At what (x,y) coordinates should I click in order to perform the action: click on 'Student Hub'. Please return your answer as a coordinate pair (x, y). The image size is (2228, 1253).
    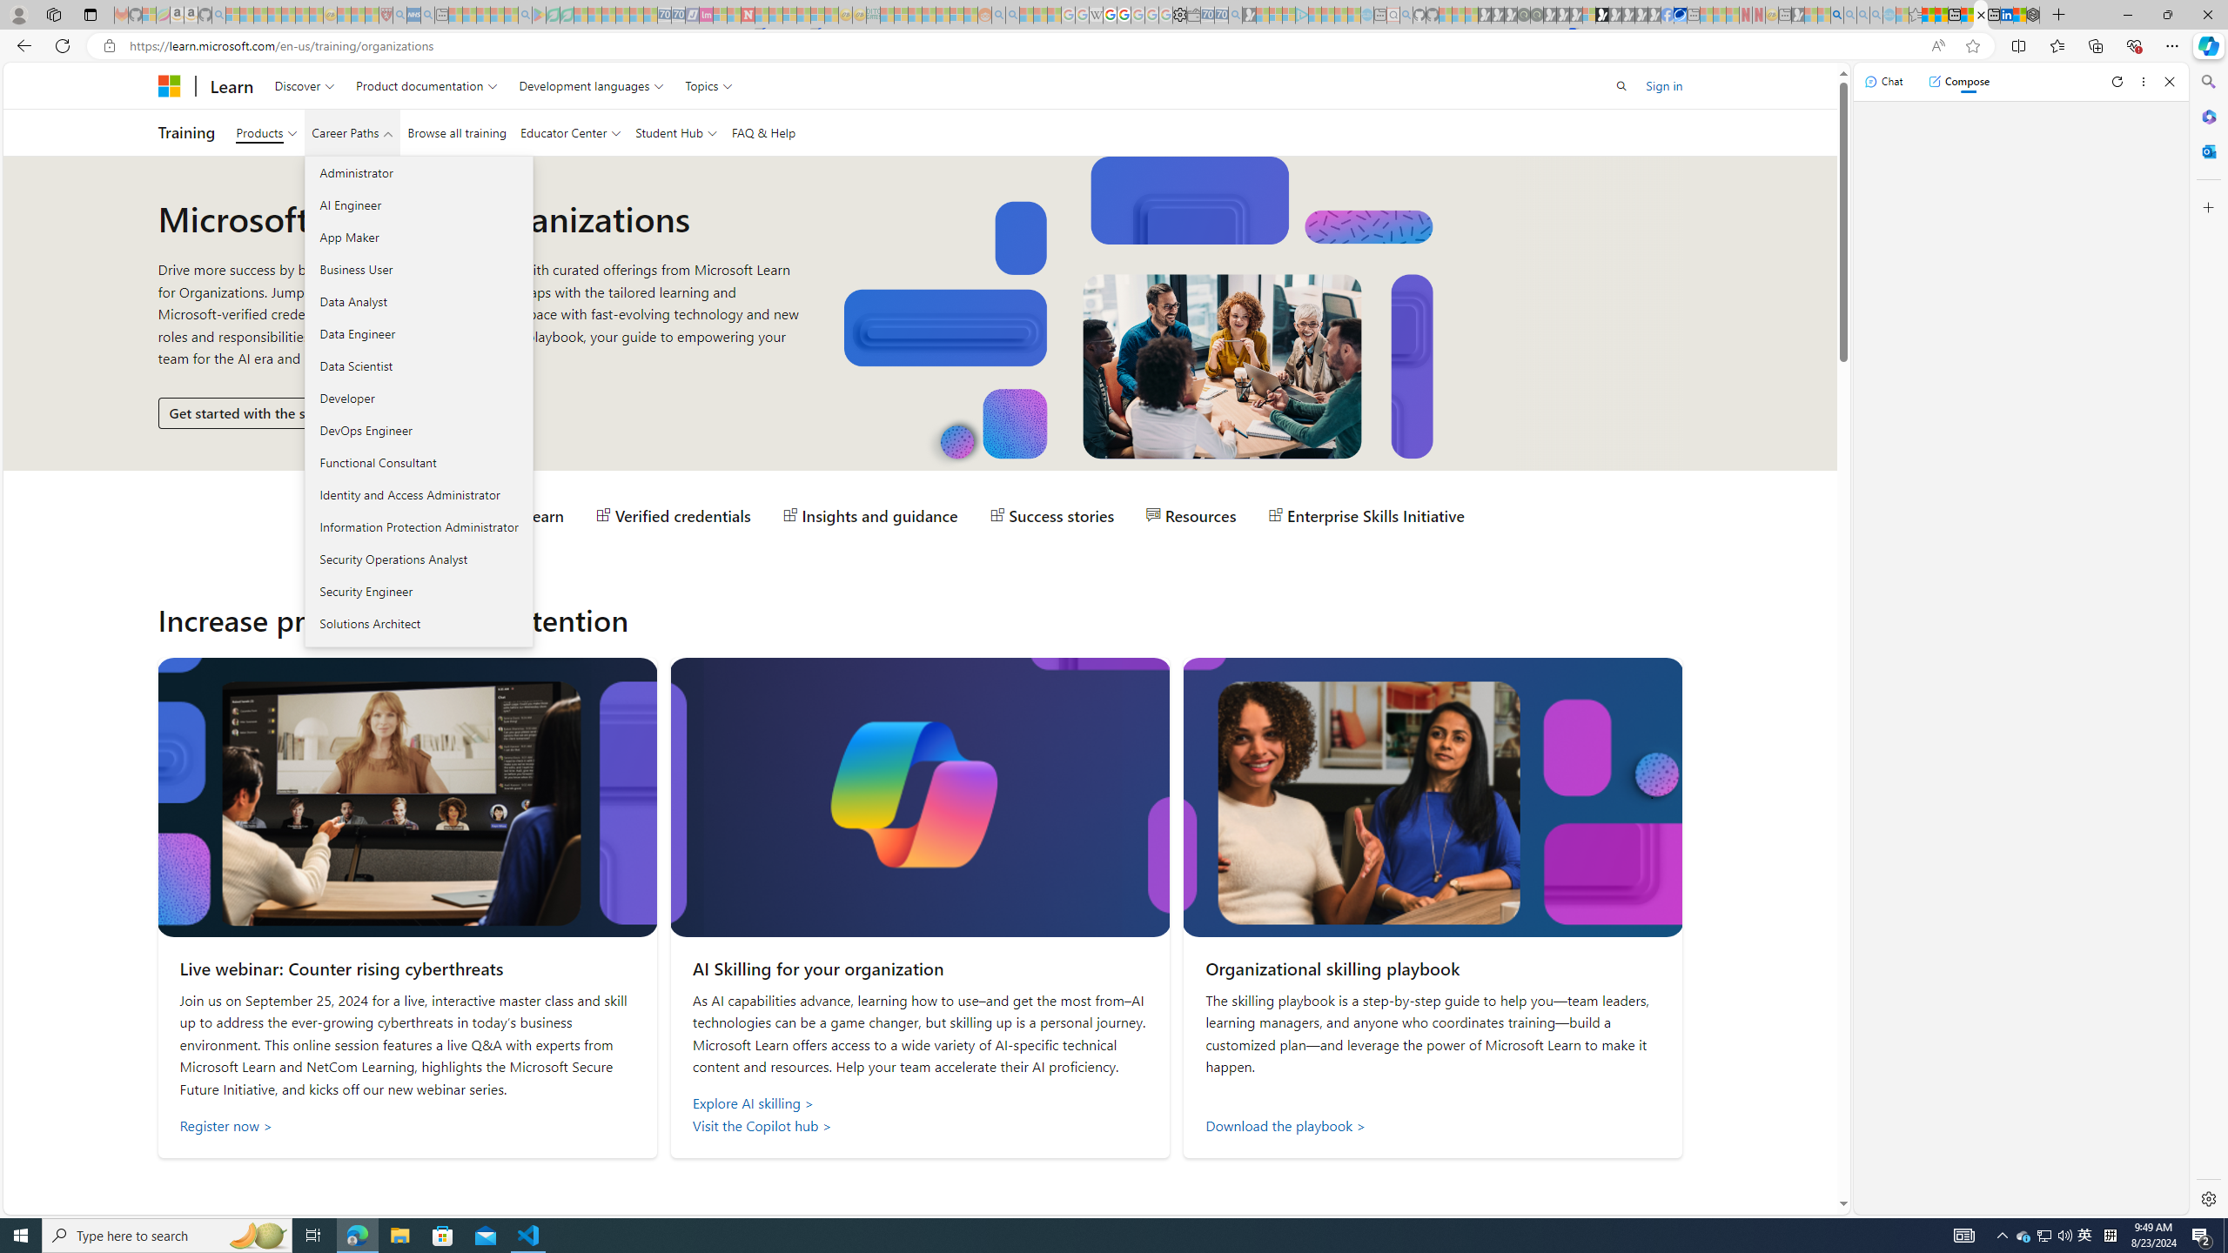
    Looking at the image, I should click on (674, 132).